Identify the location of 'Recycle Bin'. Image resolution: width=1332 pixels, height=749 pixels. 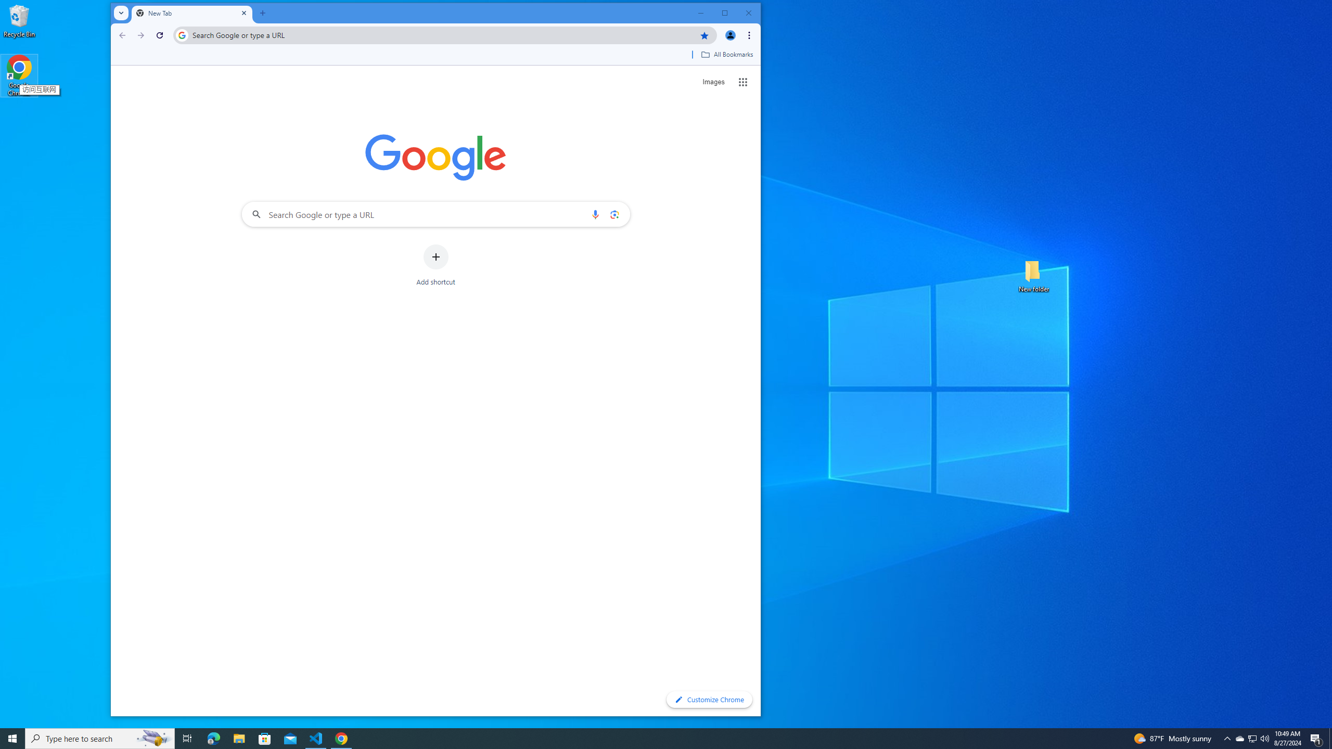
(19, 20).